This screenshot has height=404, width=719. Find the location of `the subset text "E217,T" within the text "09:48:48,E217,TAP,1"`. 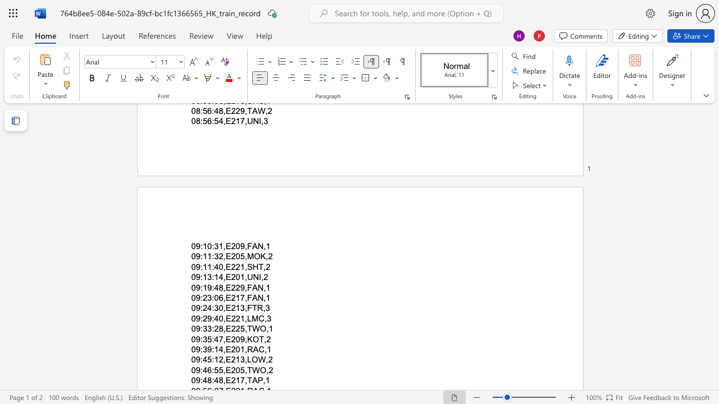

the subset text "E217,T" within the text "09:48:48,E217,TAP,1" is located at coordinates (225, 380).